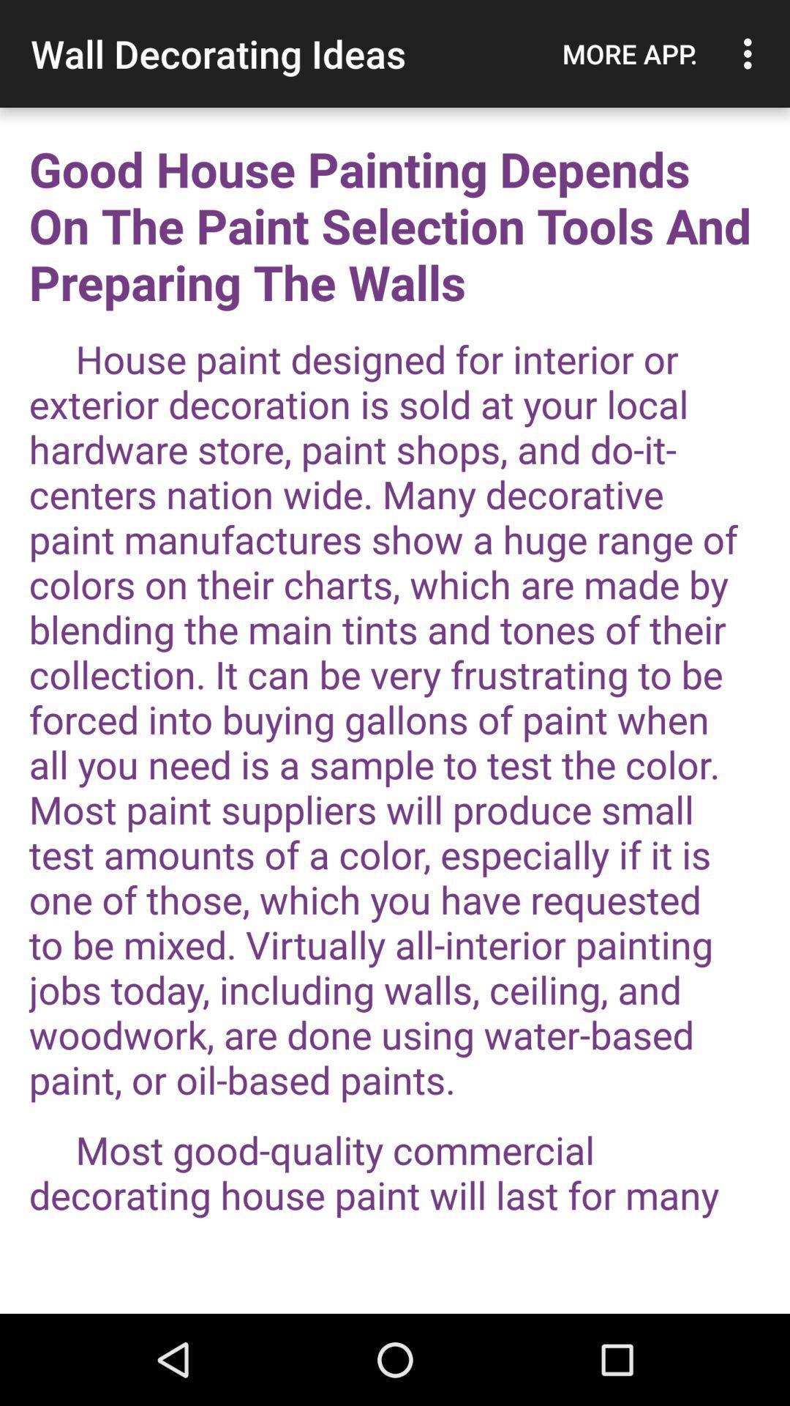  I want to click on the icon next to more app., so click(751, 53).